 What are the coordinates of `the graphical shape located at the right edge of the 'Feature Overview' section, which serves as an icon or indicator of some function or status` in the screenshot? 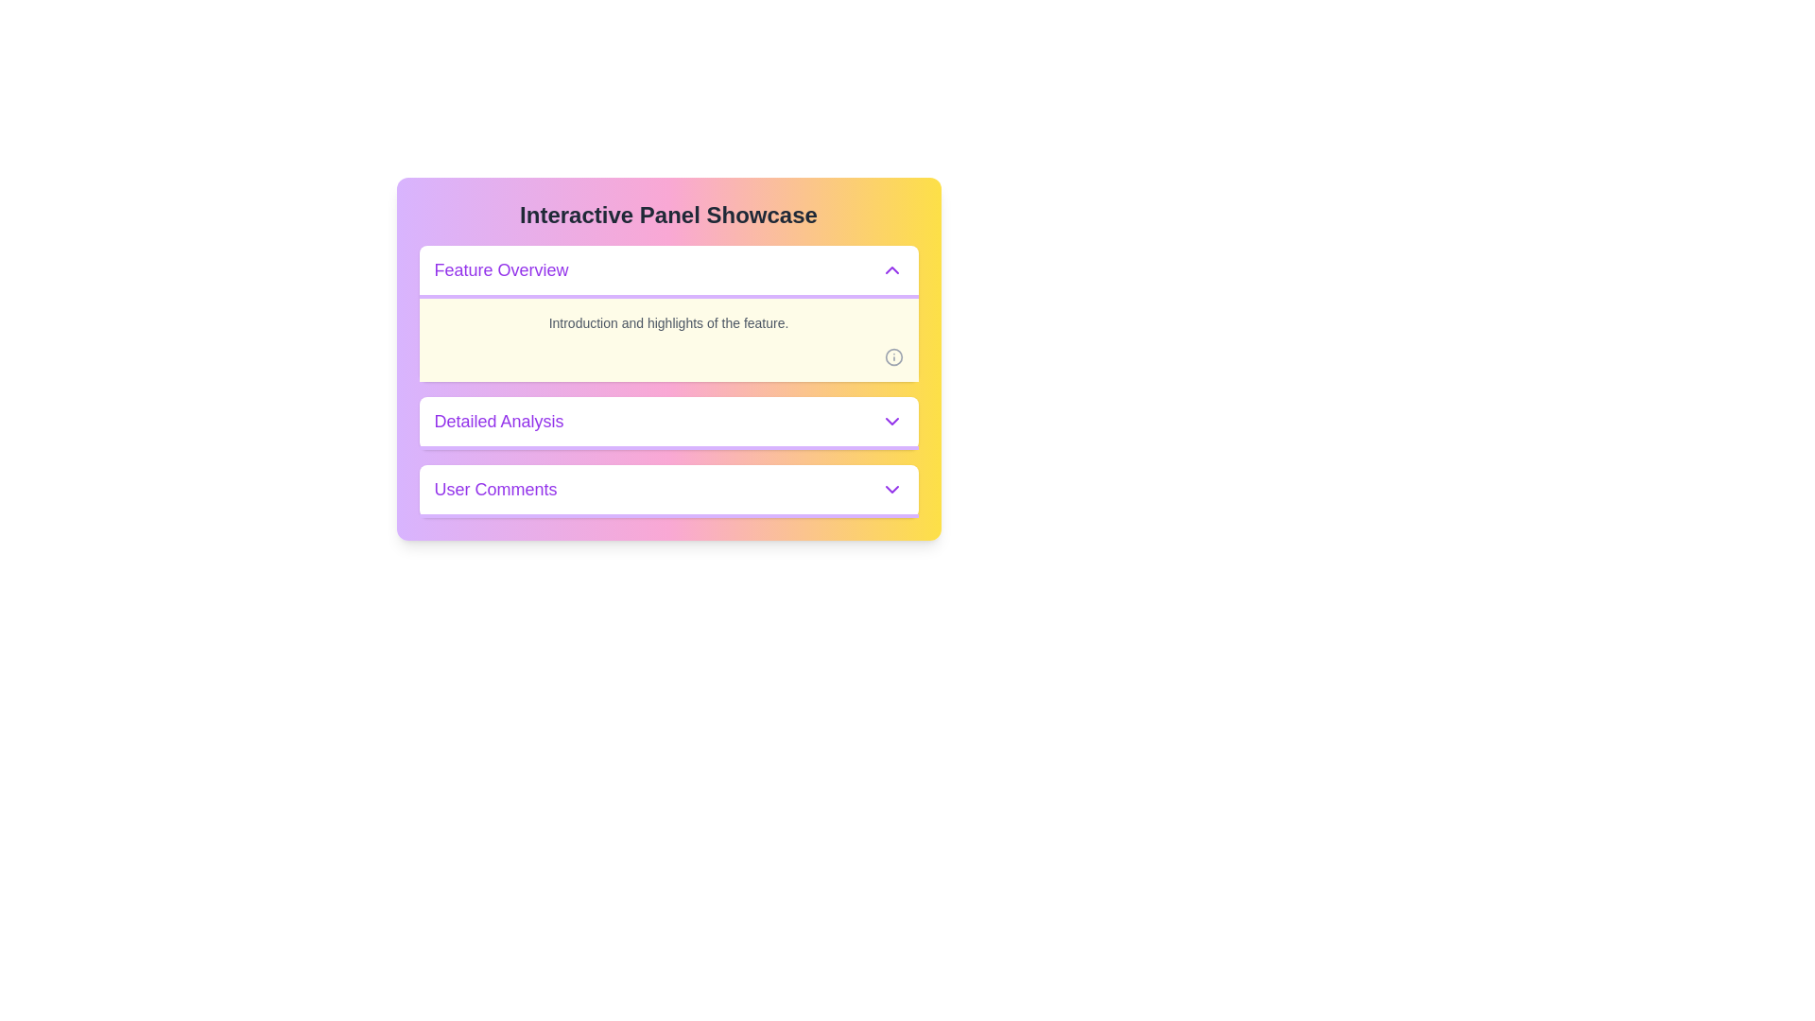 It's located at (892, 357).